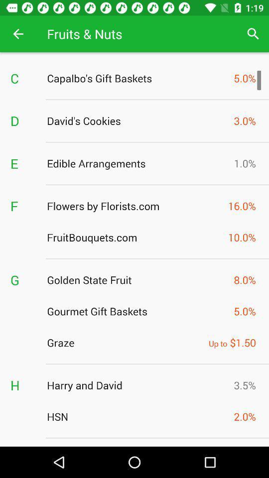 The height and width of the screenshot is (478, 269). Describe the element at coordinates (125, 343) in the screenshot. I see `the icon next to up to 1` at that location.